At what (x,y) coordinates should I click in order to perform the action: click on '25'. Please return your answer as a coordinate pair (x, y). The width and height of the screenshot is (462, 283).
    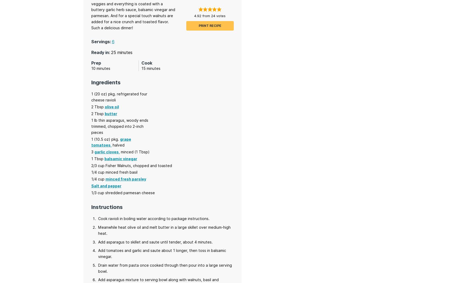
    Looking at the image, I should click on (113, 52).